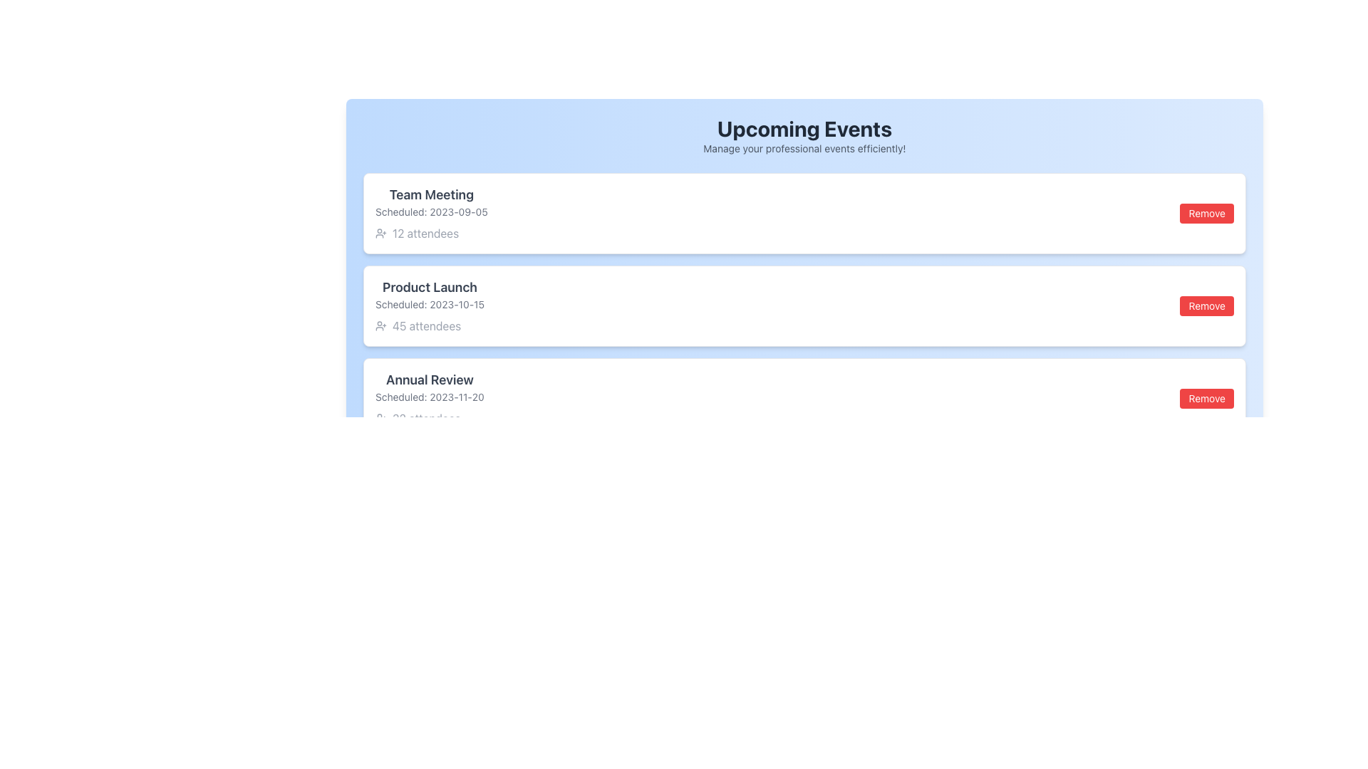 Image resolution: width=1368 pixels, height=769 pixels. I want to click on the text label that reads 'Manage your professional events efficiently!', which is styled in small gray font and located directly below the header 'Upcoming Events', so click(804, 148).